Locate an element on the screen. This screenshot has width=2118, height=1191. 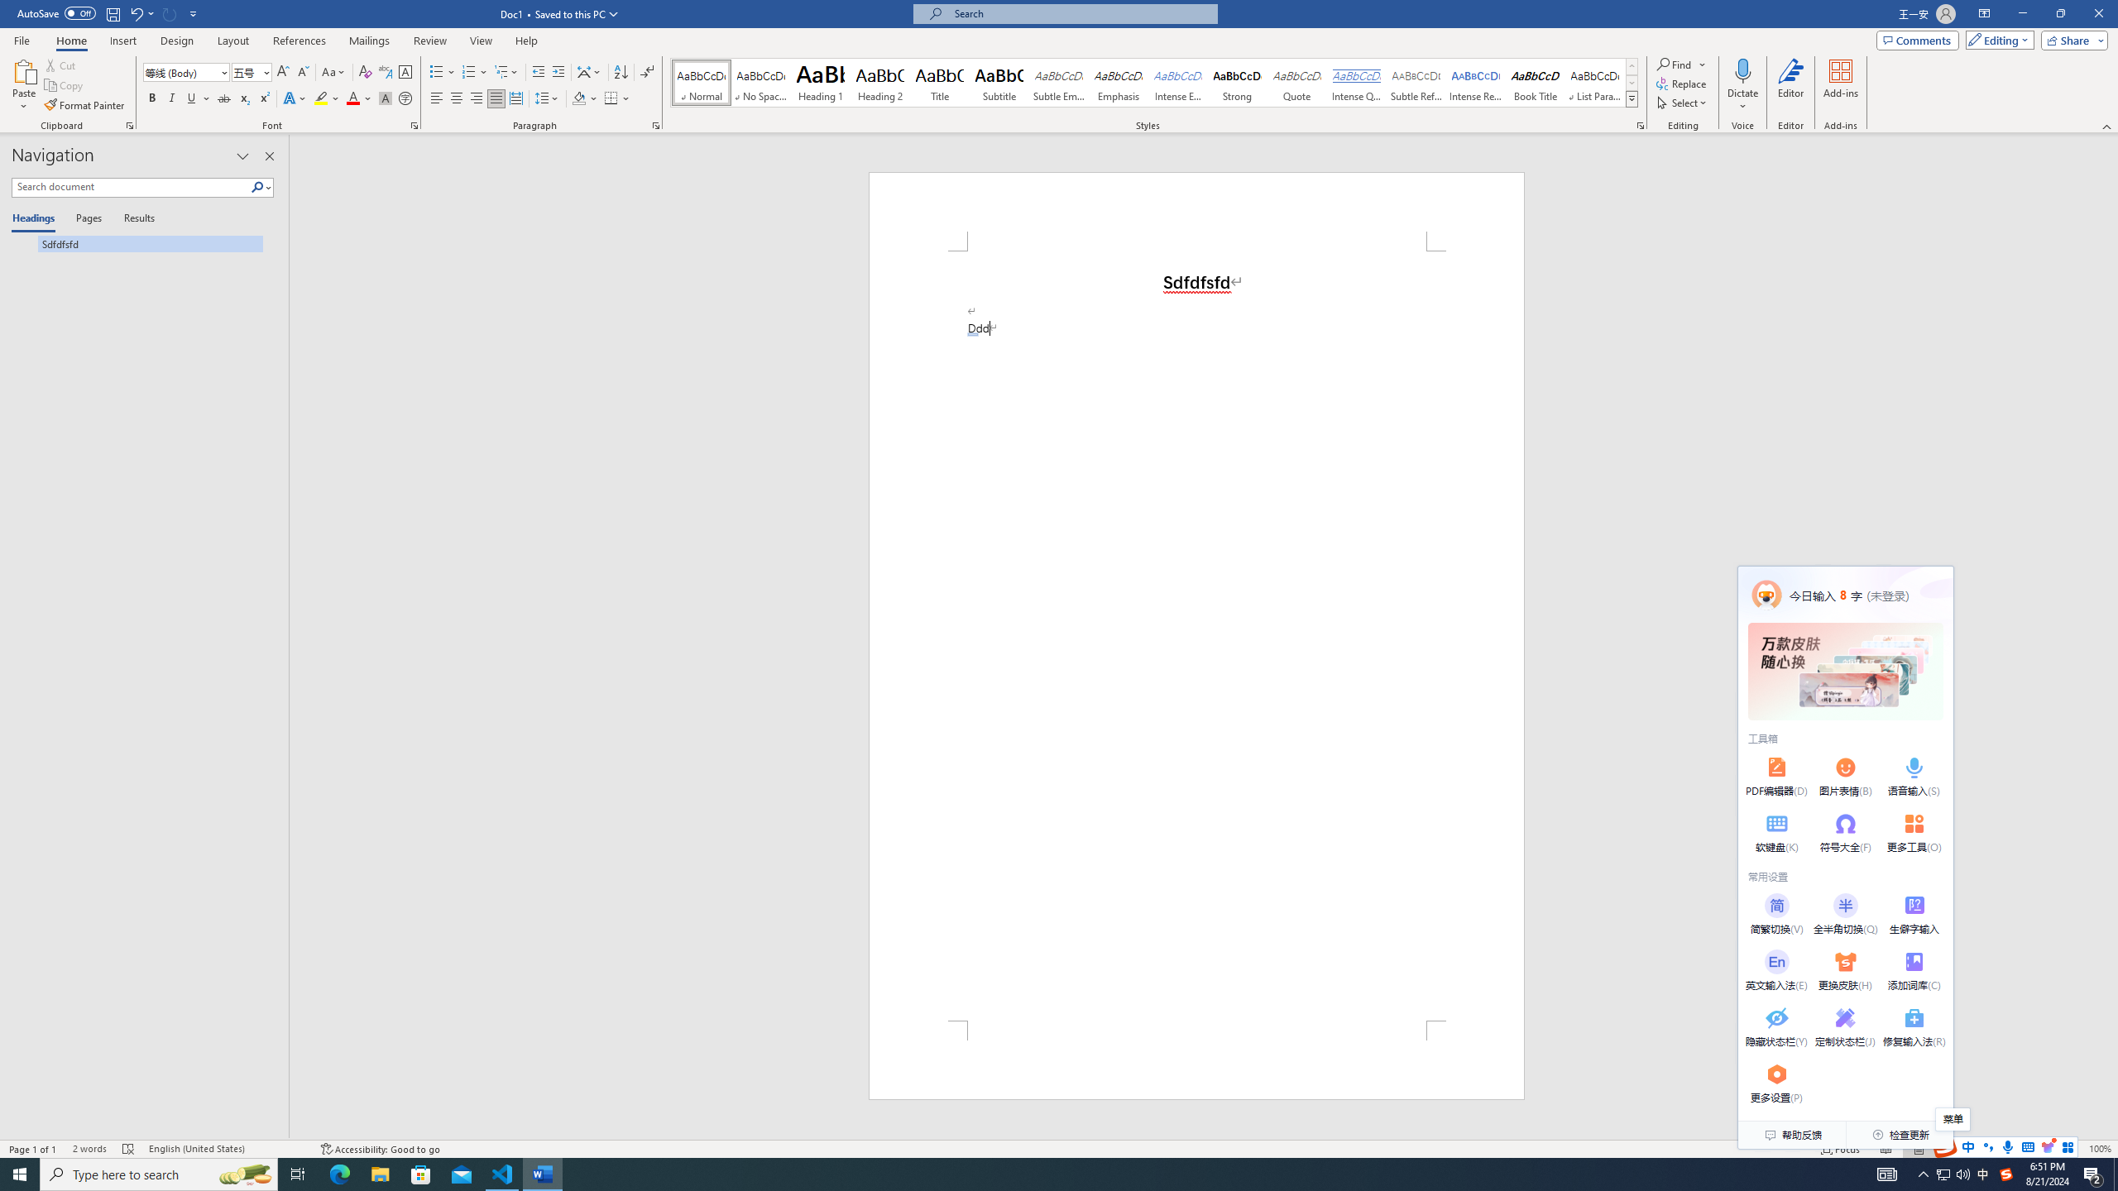
'Intense Reference' is located at coordinates (1476, 82).